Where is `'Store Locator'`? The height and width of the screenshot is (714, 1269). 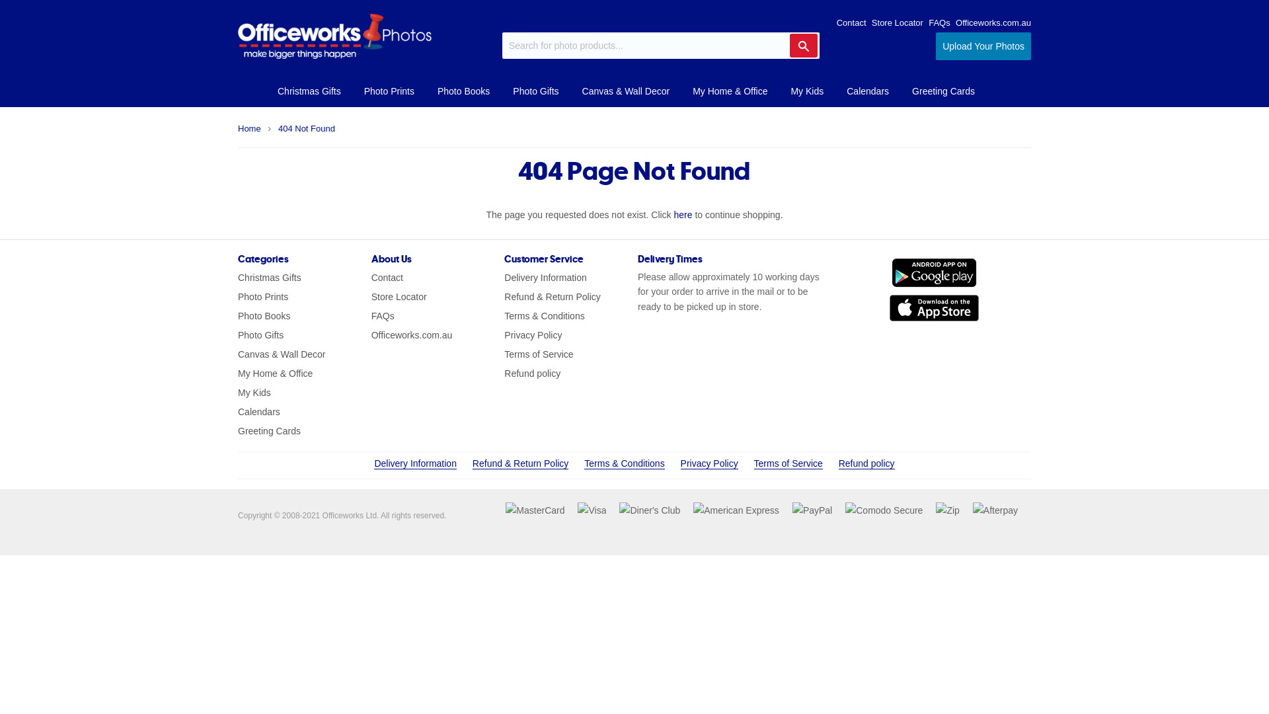
'Store Locator' is located at coordinates (898, 22).